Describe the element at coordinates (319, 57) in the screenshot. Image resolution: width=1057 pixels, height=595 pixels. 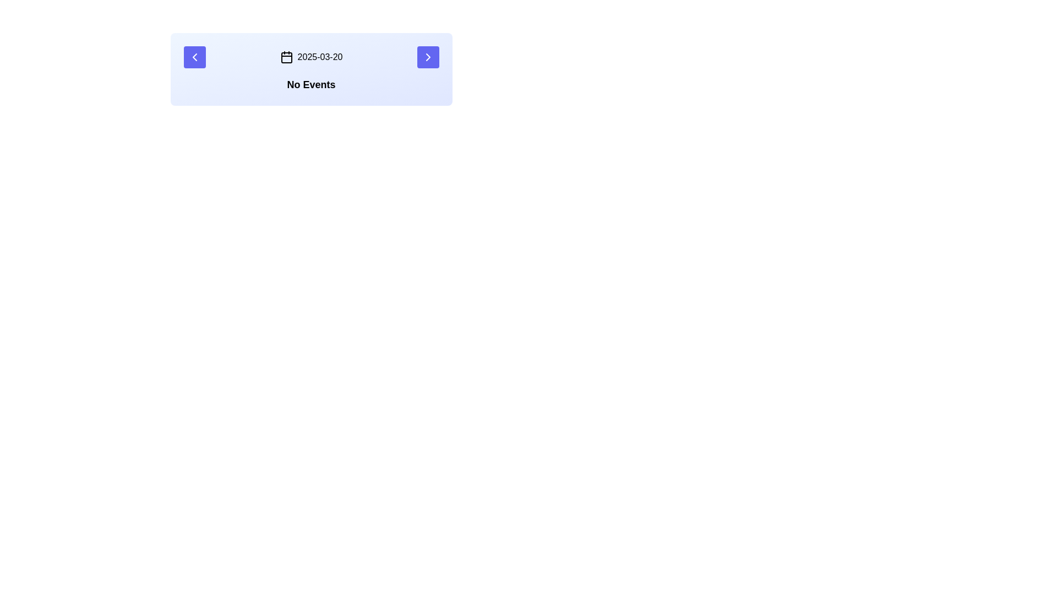
I see `the text display showing the date '2025-03-20', which is located to the right of the calendar icon within a card-like component` at that location.